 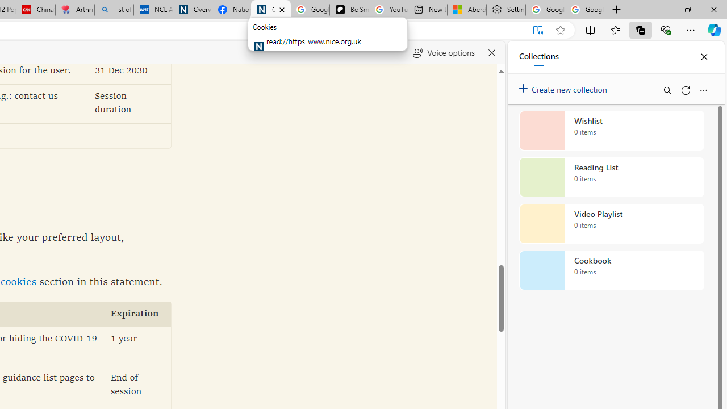 I want to click on 'Enter Immersive Reader (F9)', so click(x=537, y=30).